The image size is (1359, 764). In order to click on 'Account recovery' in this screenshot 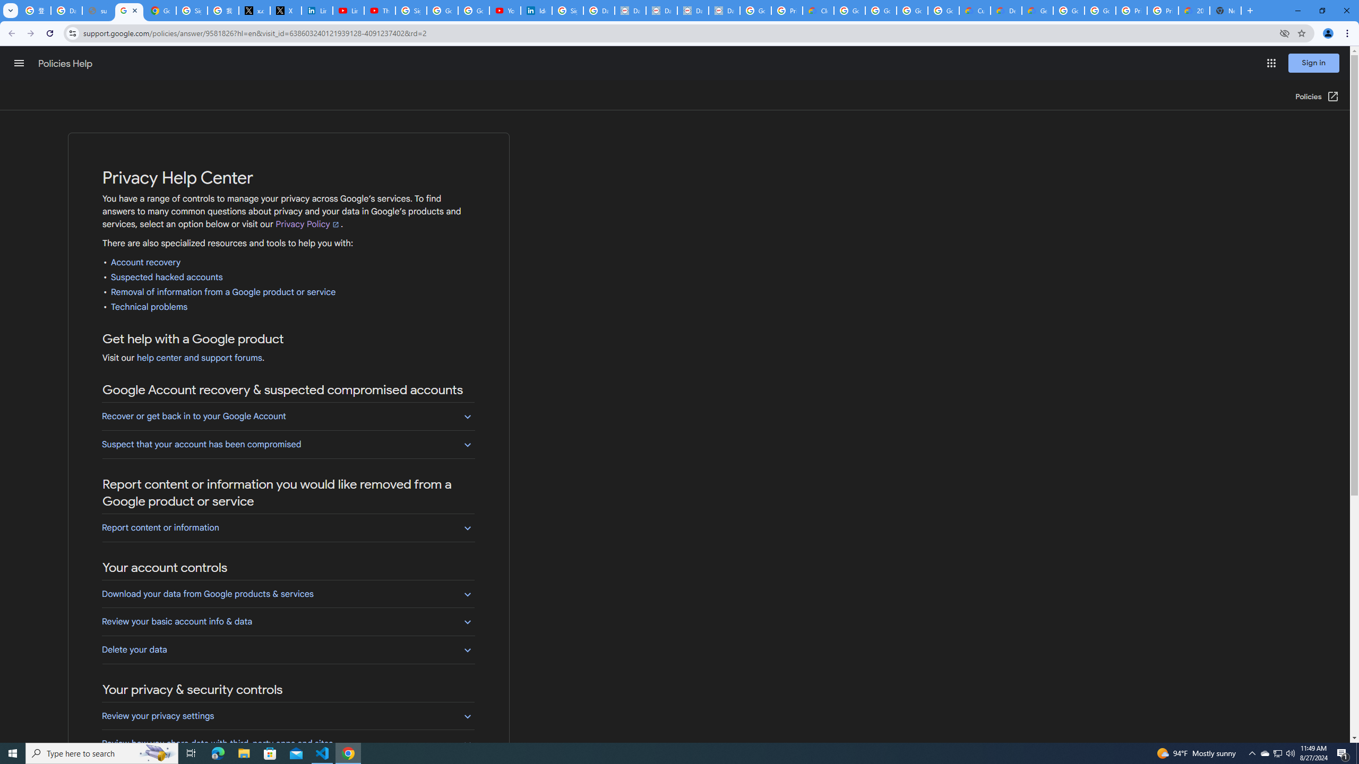, I will do `click(145, 262)`.